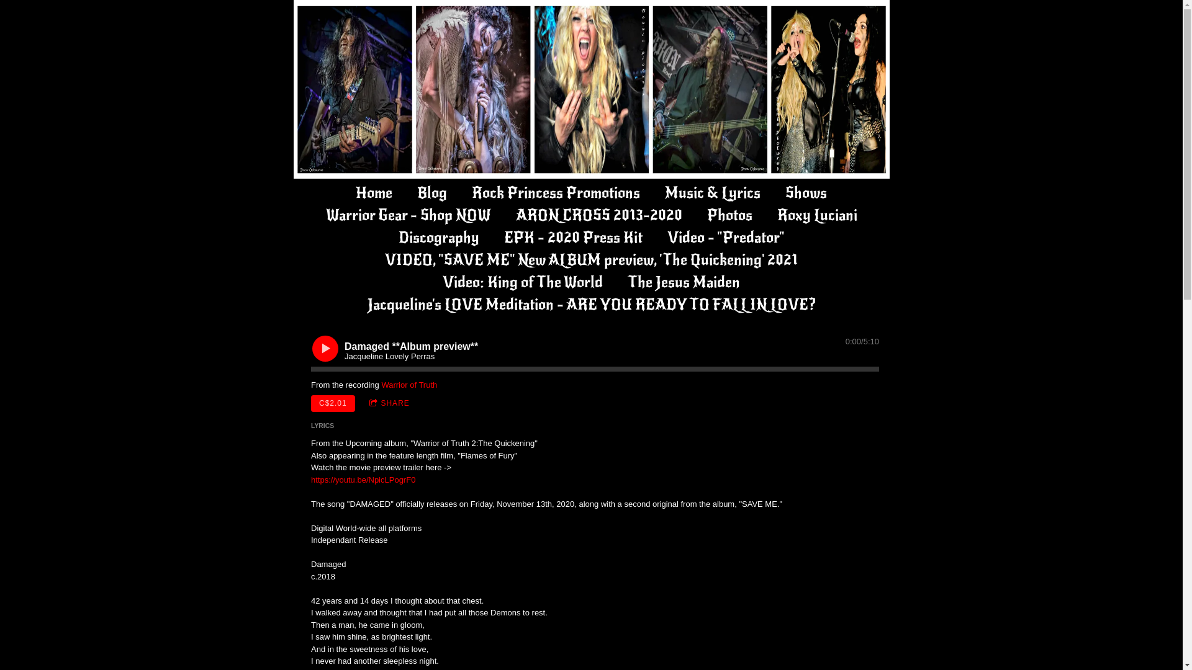 The width and height of the screenshot is (1192, 670). What do you see at coordinates (598, 215) in the screenshot?
I see `'ARON CROSS 2013-2020'` at bounding box center [598, 215].